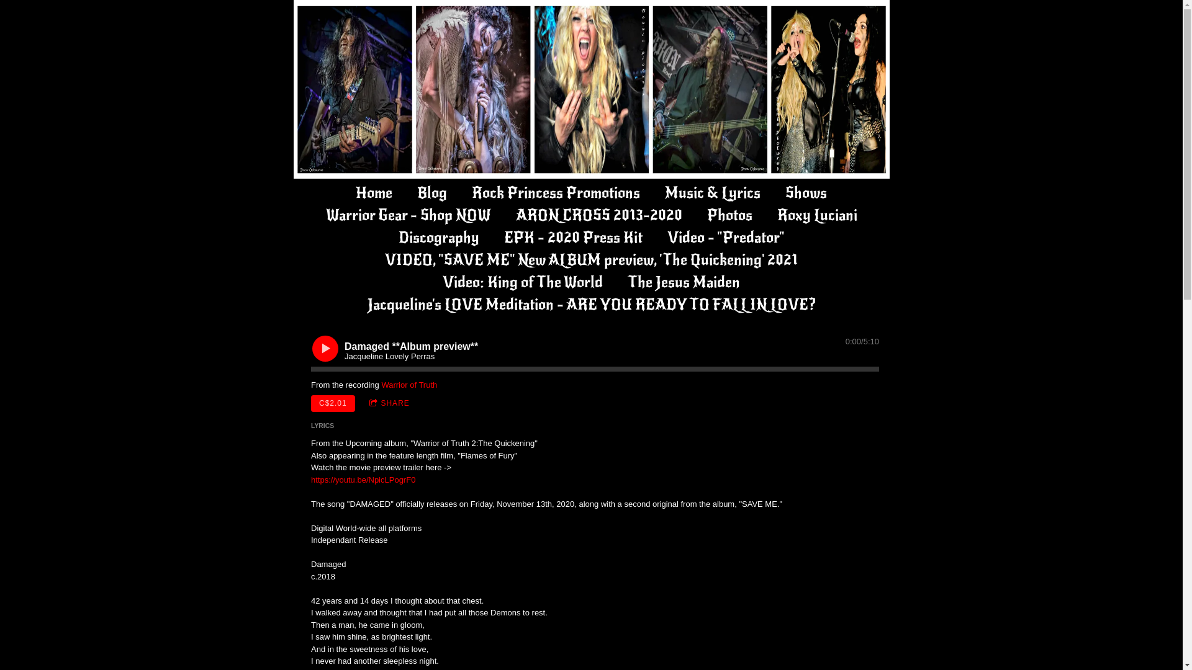 The width and height of the screenshot is (1192, 670). What do you see at coordinates (598, 215) in the screenshot?
I see `'ARON CROSS 2013-2020'` at bounding box center [598, 215].